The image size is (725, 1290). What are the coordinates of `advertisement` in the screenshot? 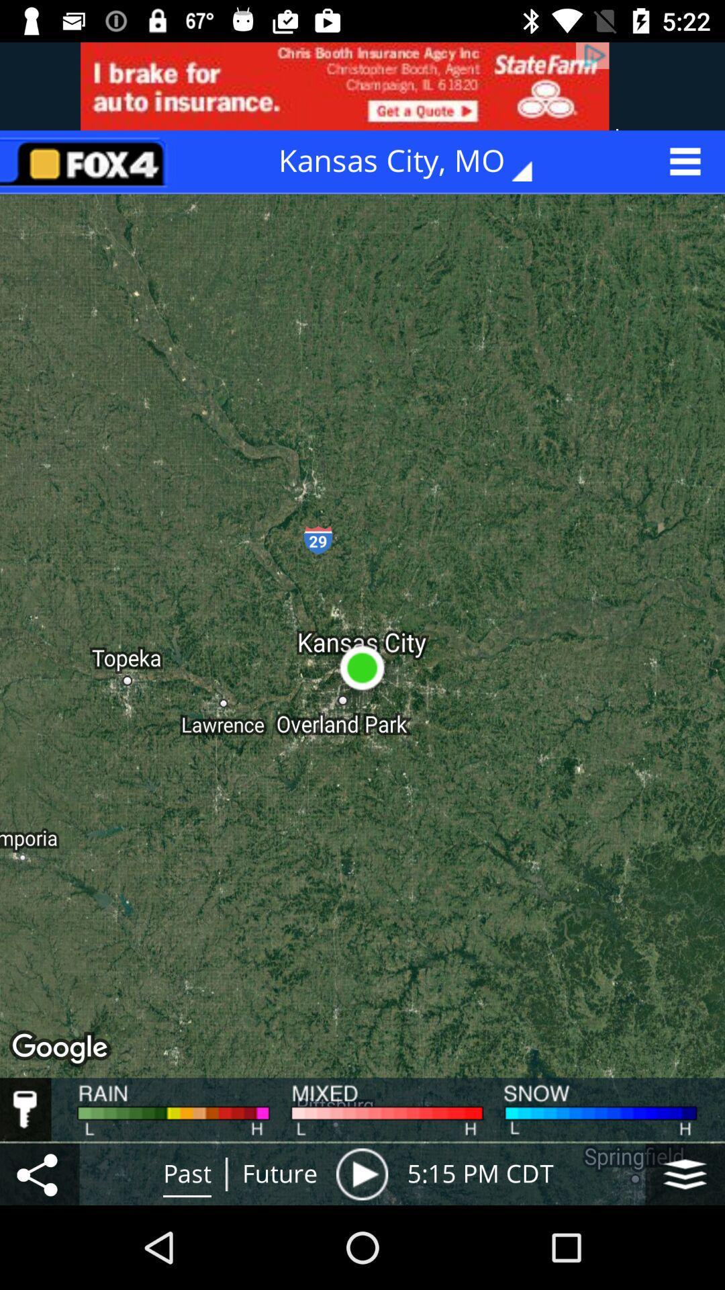 It's located at (362, 85).